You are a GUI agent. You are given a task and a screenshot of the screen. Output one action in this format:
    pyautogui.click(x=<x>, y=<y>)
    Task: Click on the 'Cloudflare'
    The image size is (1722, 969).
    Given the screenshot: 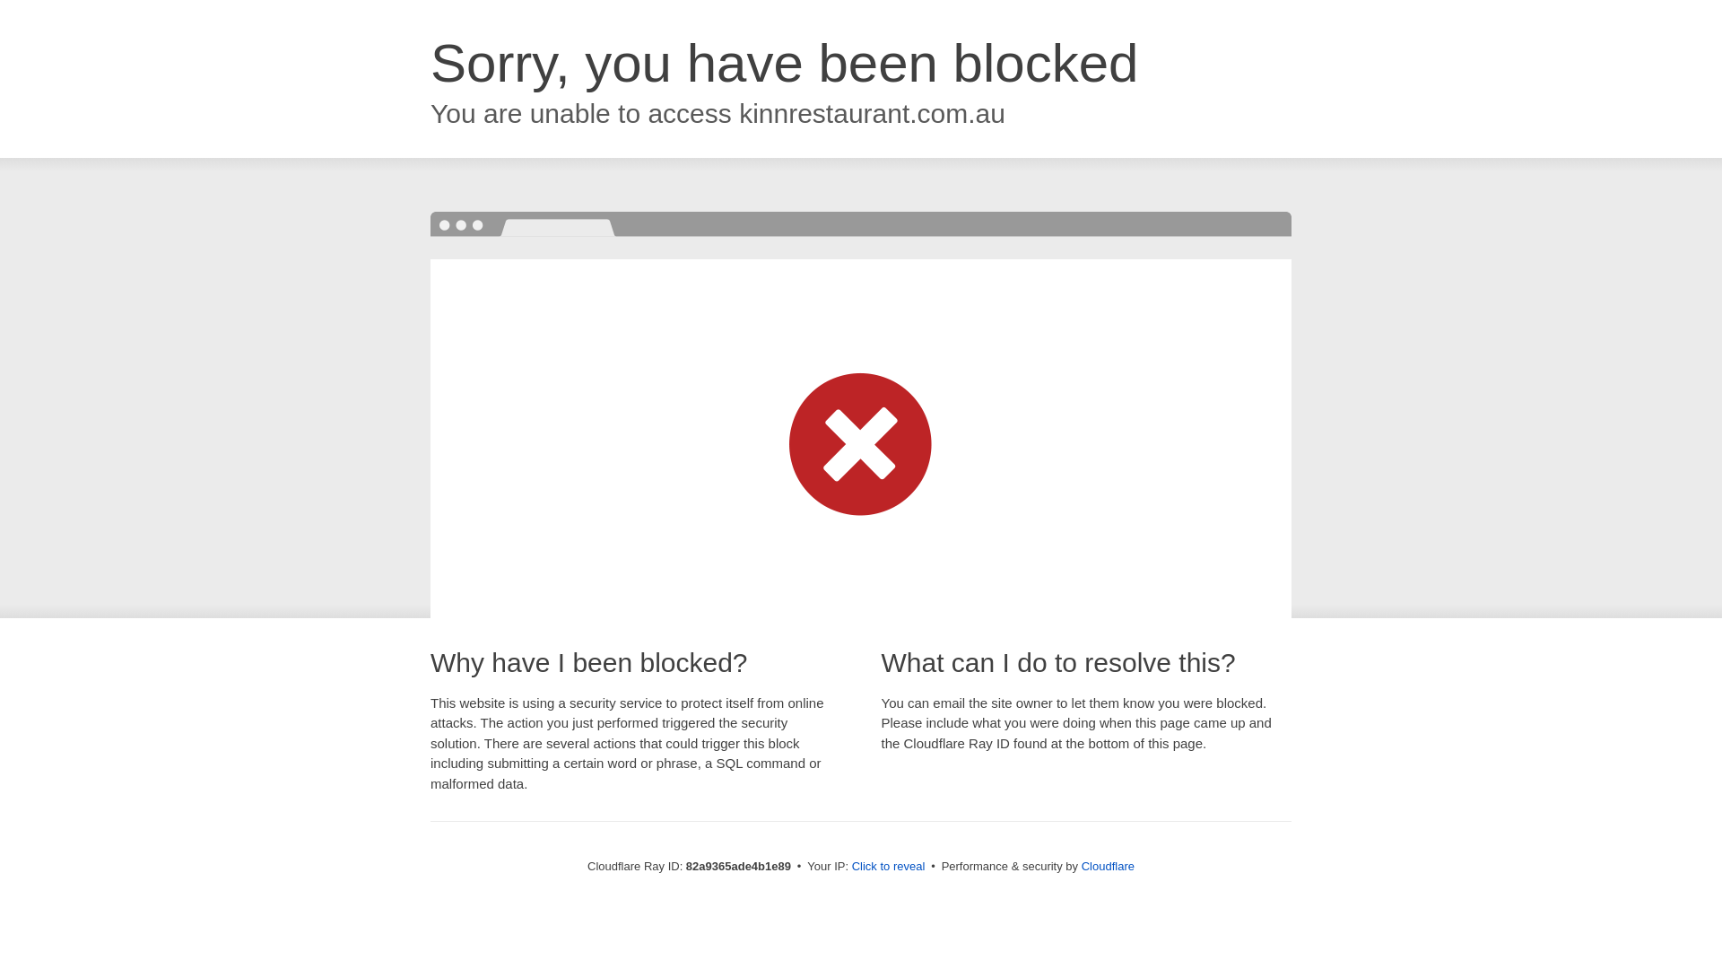 What is the action you would take?
    pyautogui.click(x=1080, y=865)
    